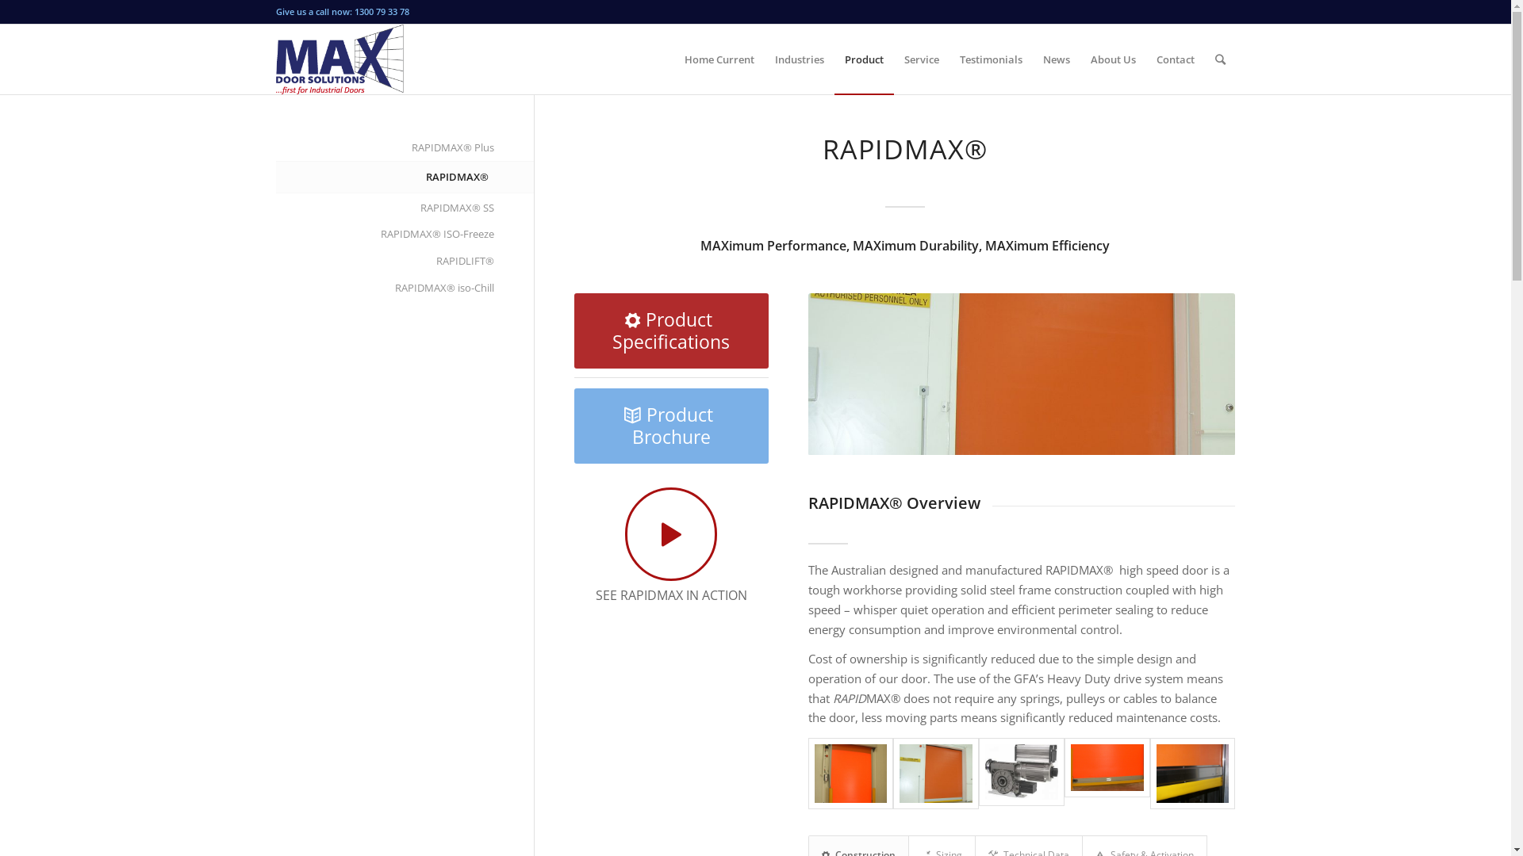 The width and height of the screenshot is (1523, 856). Describe the element at coordinates (989, 58) in the screenshot. I see `'Testimonials'` at that location.